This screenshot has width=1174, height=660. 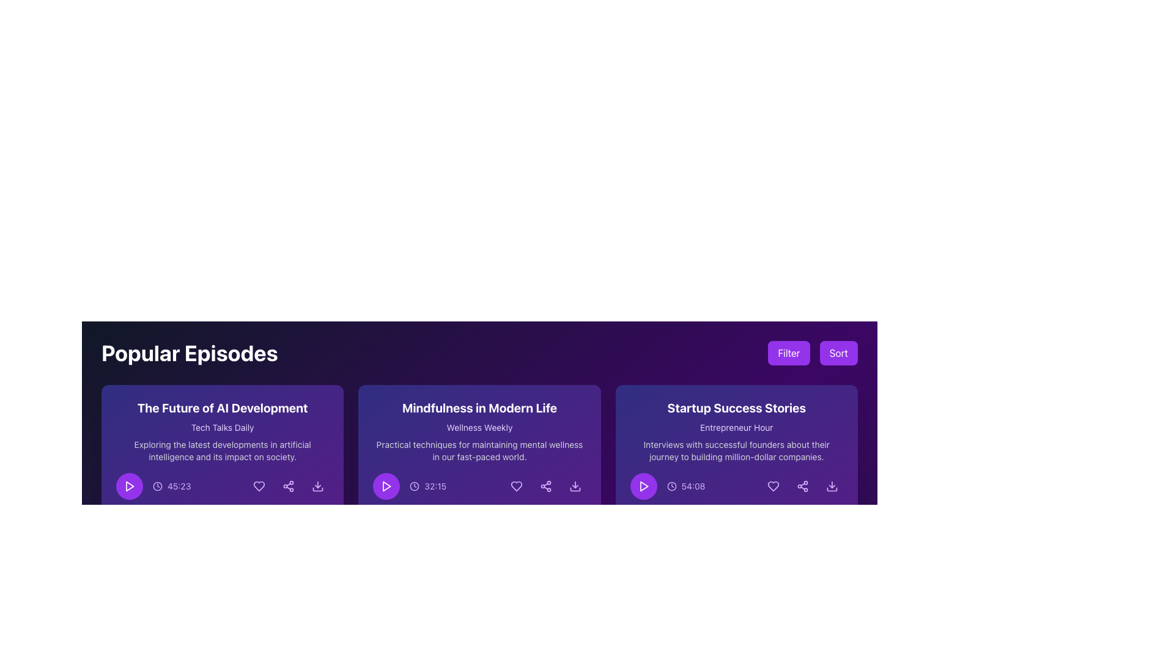 What do you see at coordinates (516, 485) in the screenshot?
I see `the heart-shaped icon with a purple hue located at the bottom of the 'Mindfulness in Modern Life' episode card, positioned between the play button and the share icon` at bounding box center [516, 485].